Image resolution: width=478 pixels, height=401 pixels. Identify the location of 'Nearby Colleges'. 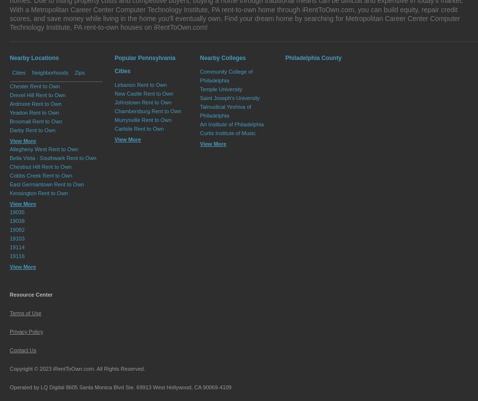
(222, 58).